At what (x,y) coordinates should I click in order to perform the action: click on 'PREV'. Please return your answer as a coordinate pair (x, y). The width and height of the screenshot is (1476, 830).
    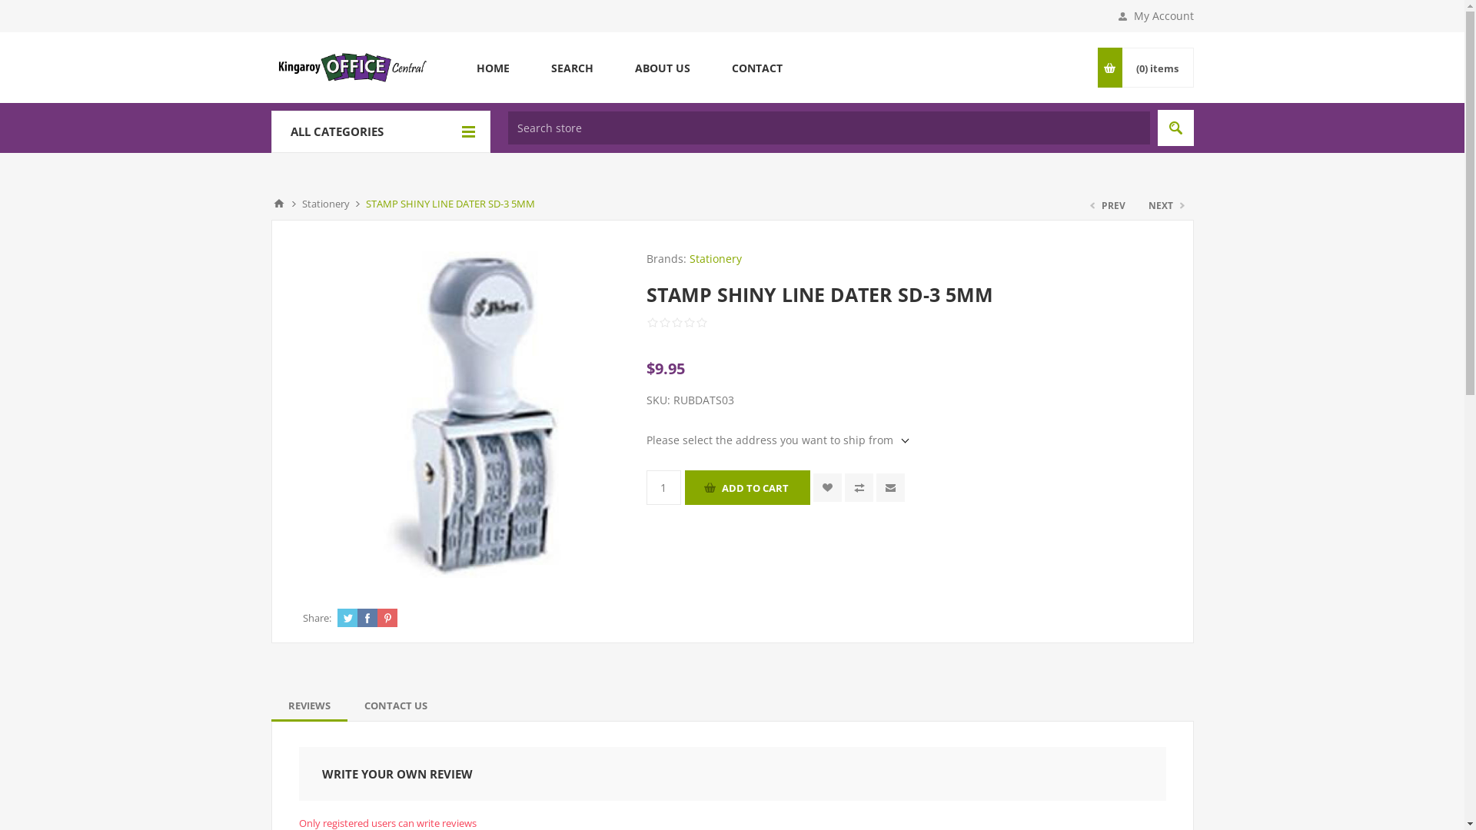
    Looking at the image, I should click on (1109, 204).